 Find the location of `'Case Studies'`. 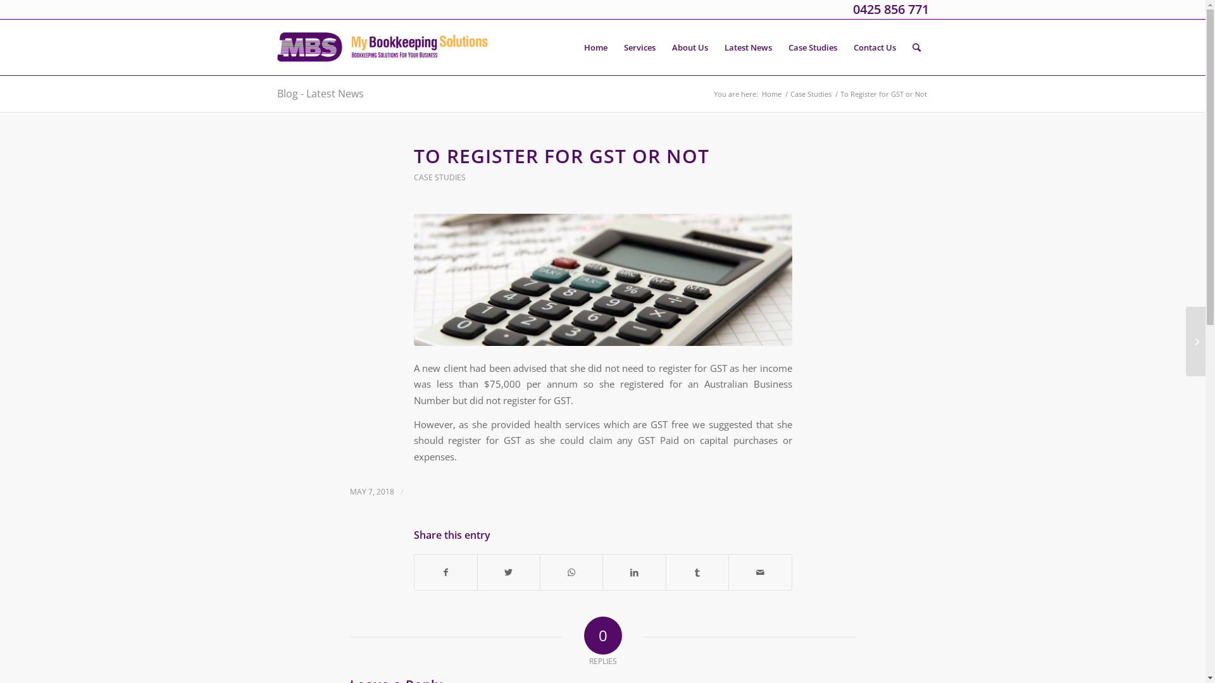

'Case Studies' is located at coordinates (811, 93).